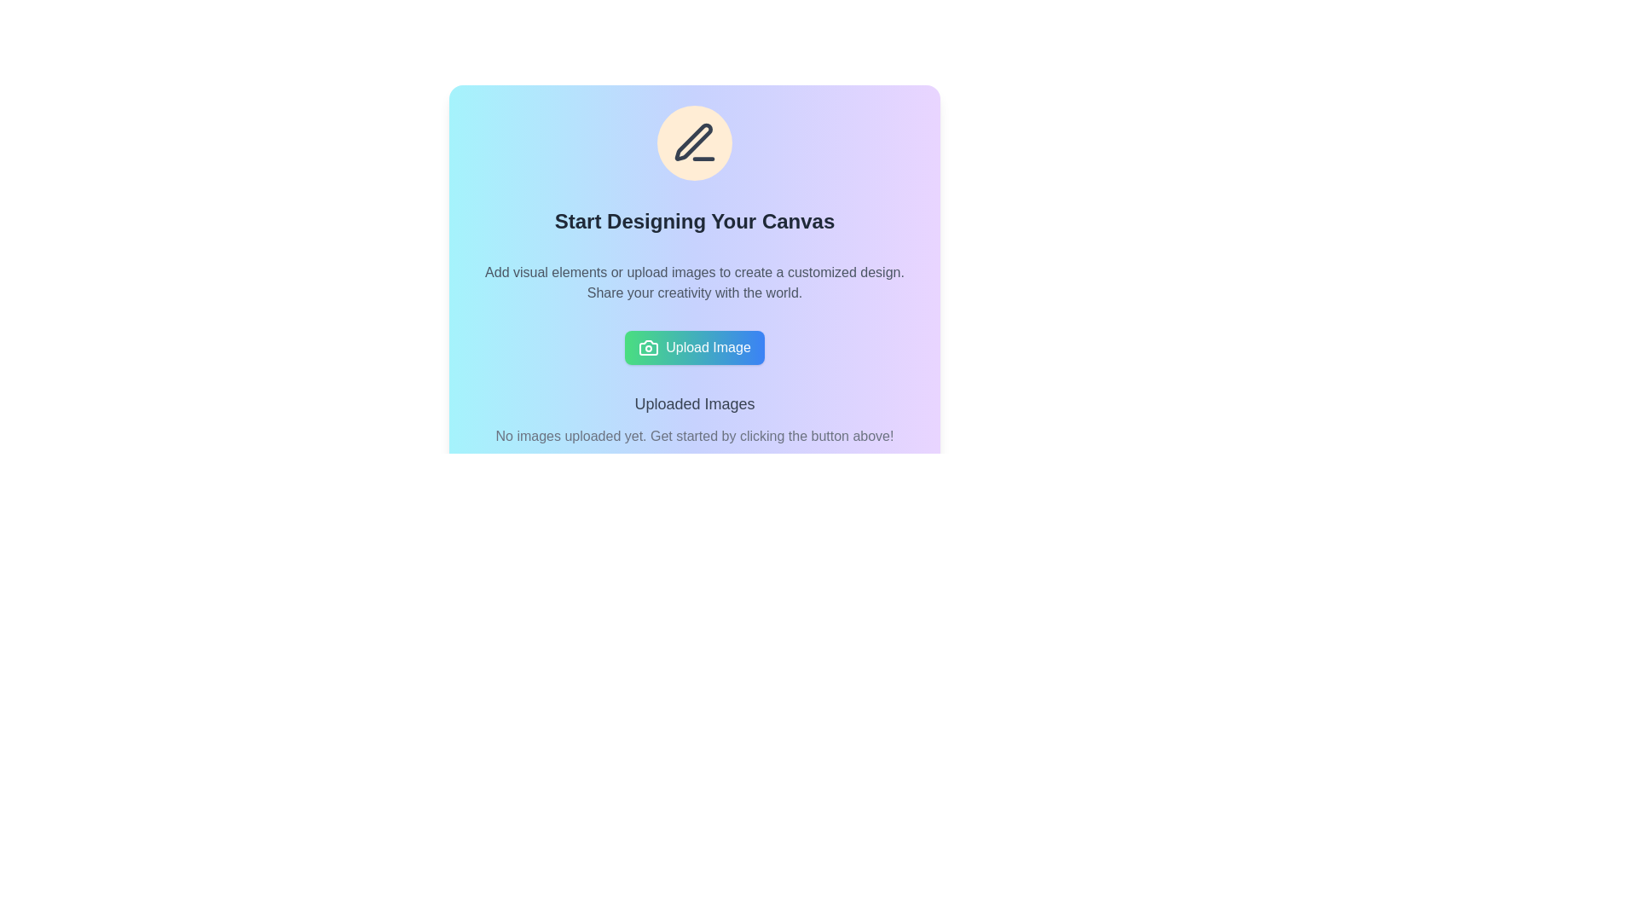  Describe the element at coordinates (695, 347) in the screenshot. I see `the 'Upload Image' button, which features a gradient background from green to blue with white text and a camera icon, to initiate the upload process` at that location.